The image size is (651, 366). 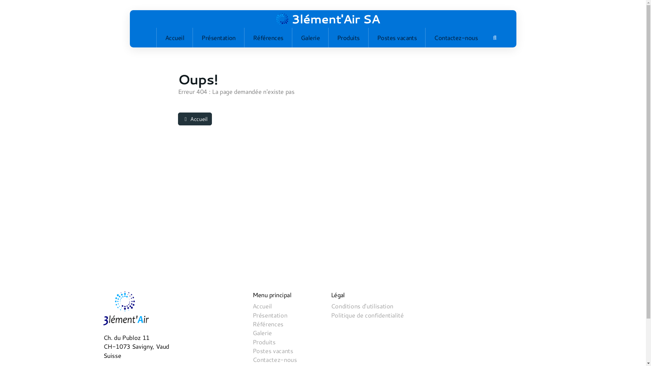 What do you see at coordinates (261, 306) in the screenshot?
I see `'Accueil'` at bounding box center [261, 306].